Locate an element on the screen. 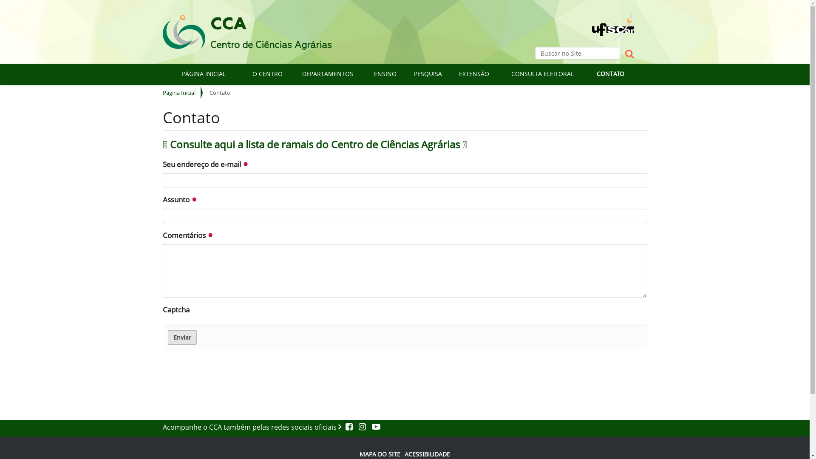  'PESQUISA' is located at coordinates (428, 73).